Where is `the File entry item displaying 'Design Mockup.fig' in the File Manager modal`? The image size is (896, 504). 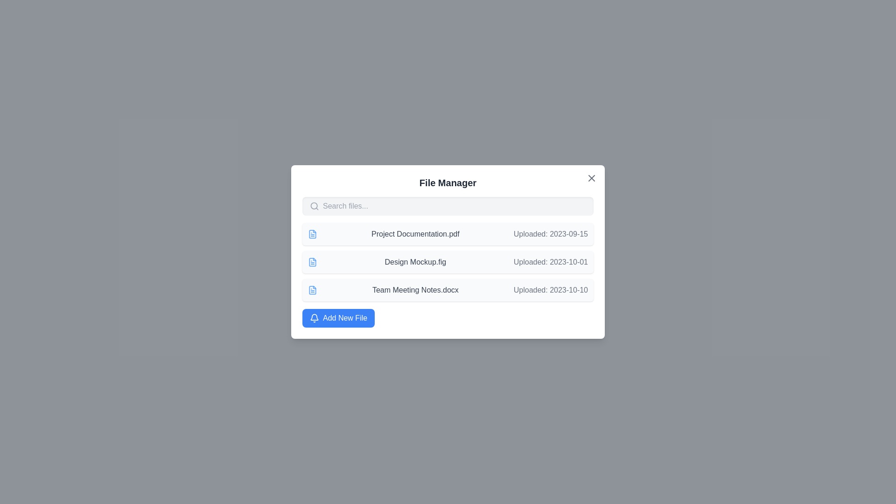
the File entry item displaying 'Design Mockup.fig' in the File Manager modal is located at coordinates (448, 252).